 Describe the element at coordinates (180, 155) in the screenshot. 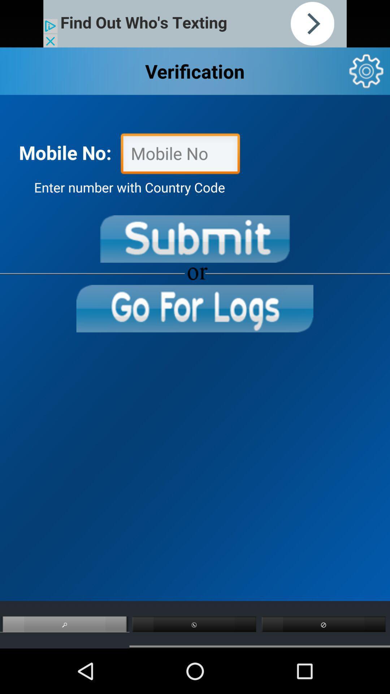

I see `hide the mobile number` at that location.